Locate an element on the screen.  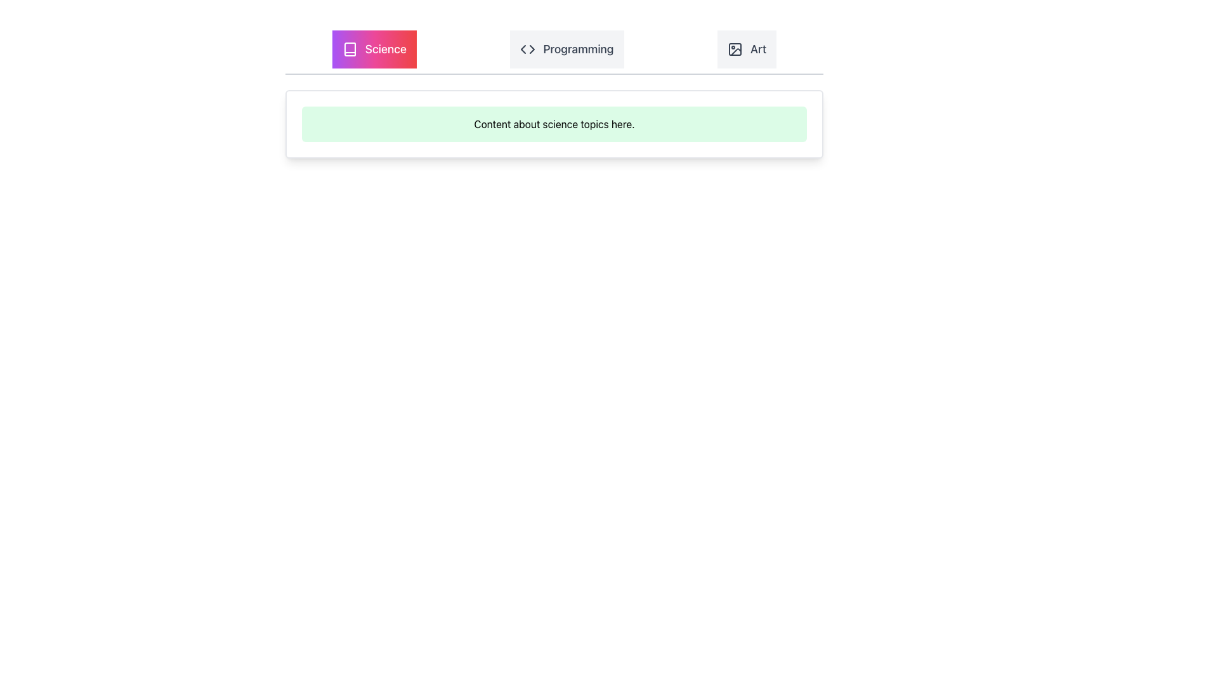
the 'Art' tab, which is the third tab in the tab group, featuring a picture frame icon and styled with a gray font on a light gray background is located at coordinates (747, 48).